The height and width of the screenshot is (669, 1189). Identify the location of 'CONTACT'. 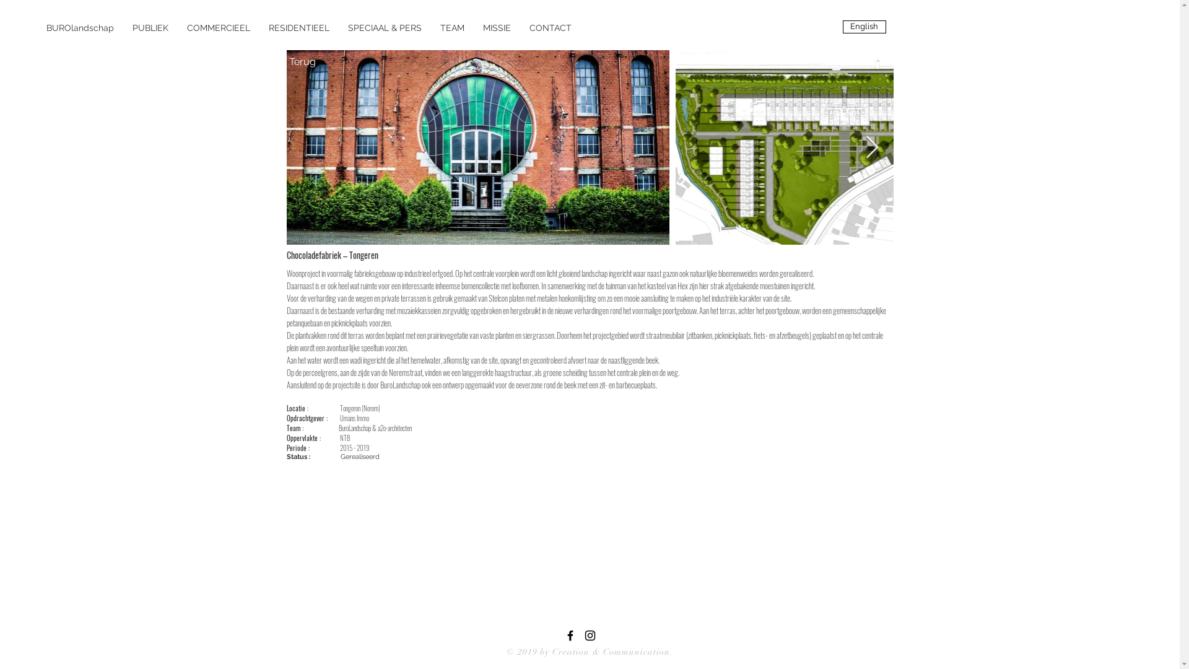
(549, 28).